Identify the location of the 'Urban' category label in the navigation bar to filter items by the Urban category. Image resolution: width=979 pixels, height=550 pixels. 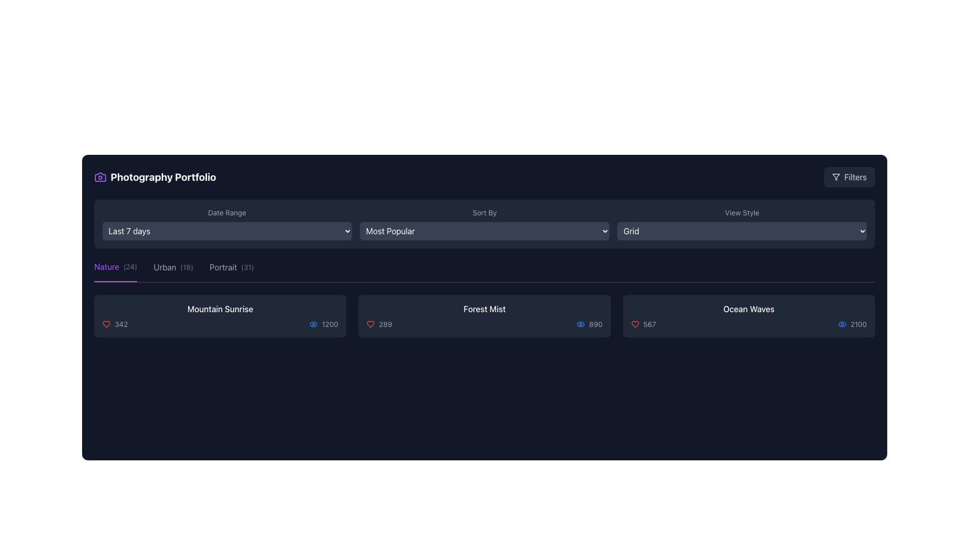
(173, 266).